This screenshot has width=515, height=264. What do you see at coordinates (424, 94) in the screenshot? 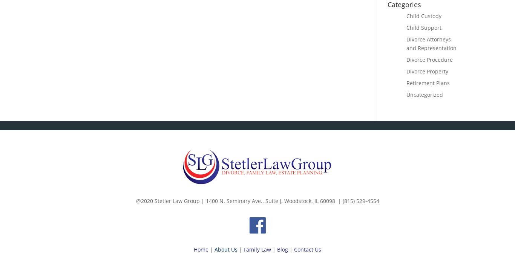
I see `'Uncategorized'` at bounding box center [424, 94].